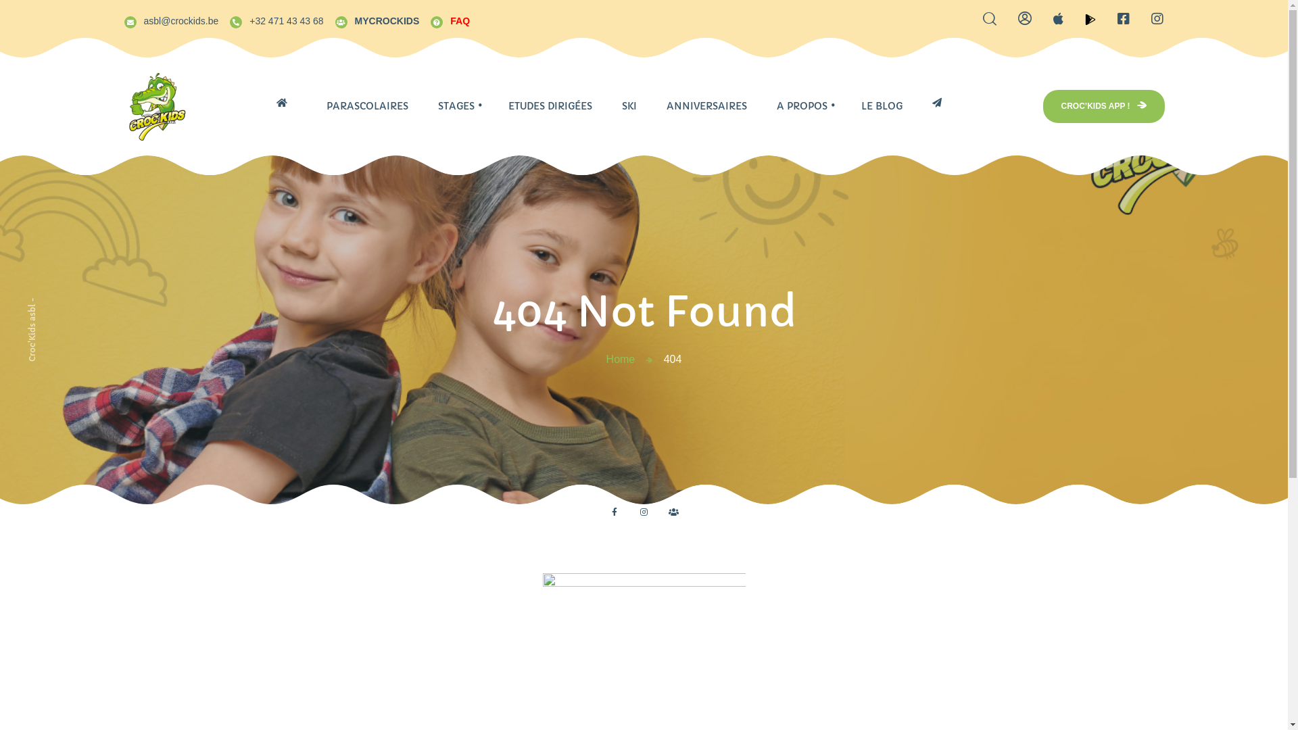 This screenshot has width=1298, height=730. Describe the element at coordinates (170, 20) in the screenshot. I see `'asbl@crockids.be'` at that location.